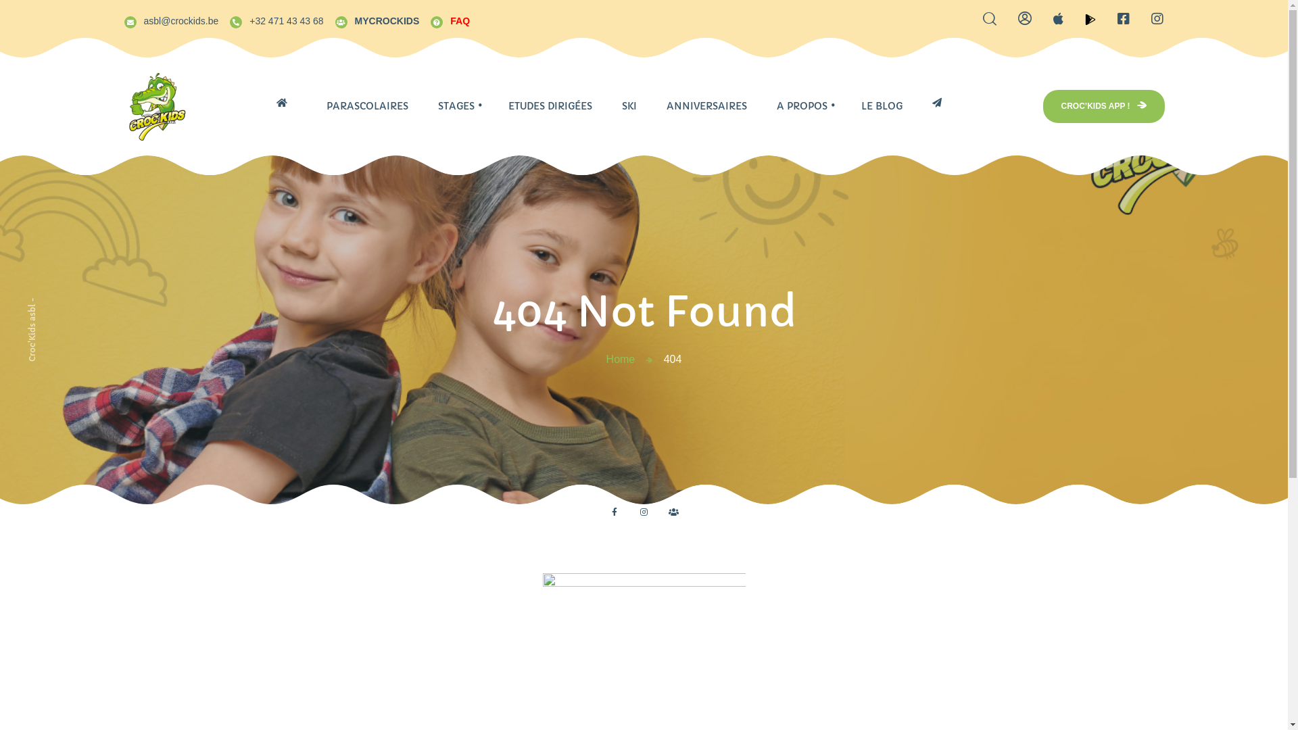 This screenshot has width=1298, height=730. Describe the element at coordinates (170, 20) in the screenshot. I see `'asbl@crockids.be'` at that location.